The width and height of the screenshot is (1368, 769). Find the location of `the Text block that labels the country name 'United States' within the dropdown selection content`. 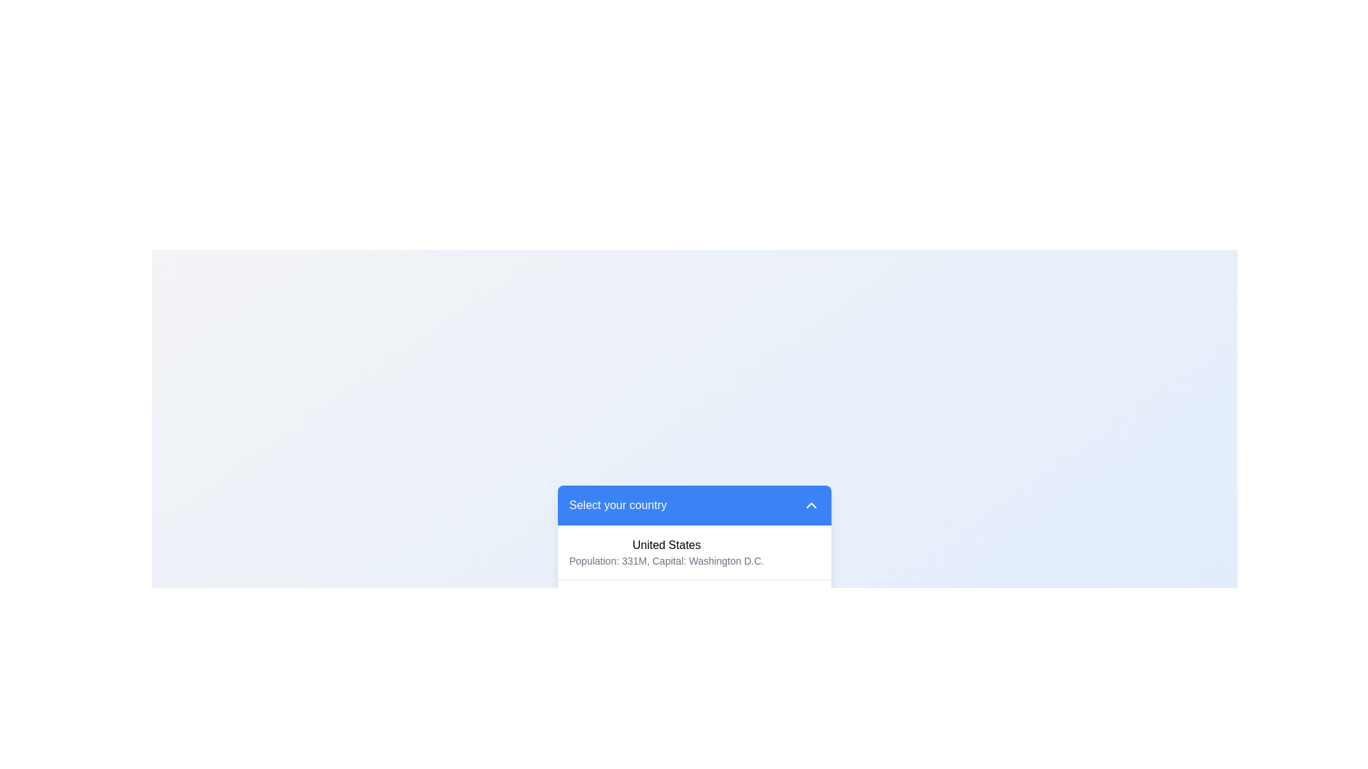

the Text block that labels the country name 'United States' within the dropdown selection content is located at coordinates (665, 545).